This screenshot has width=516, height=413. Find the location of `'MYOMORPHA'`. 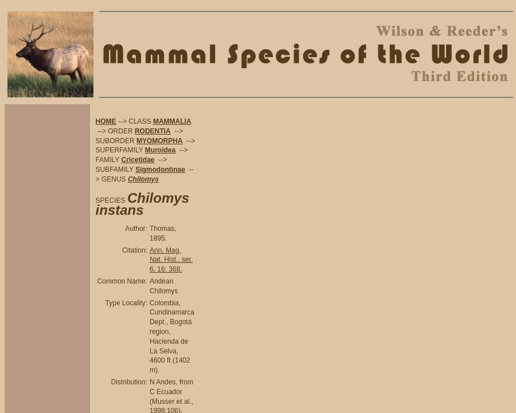

'MYOMORPHA' is located at coordinates (158, 140).